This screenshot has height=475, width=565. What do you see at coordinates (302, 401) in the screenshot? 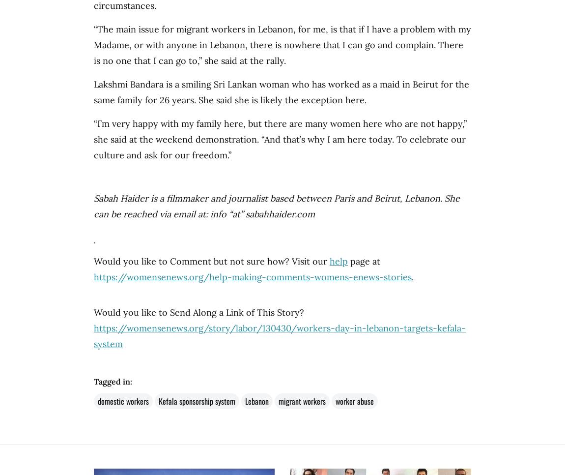
I see `'migrant workers'` at bounding box center [302, 401].